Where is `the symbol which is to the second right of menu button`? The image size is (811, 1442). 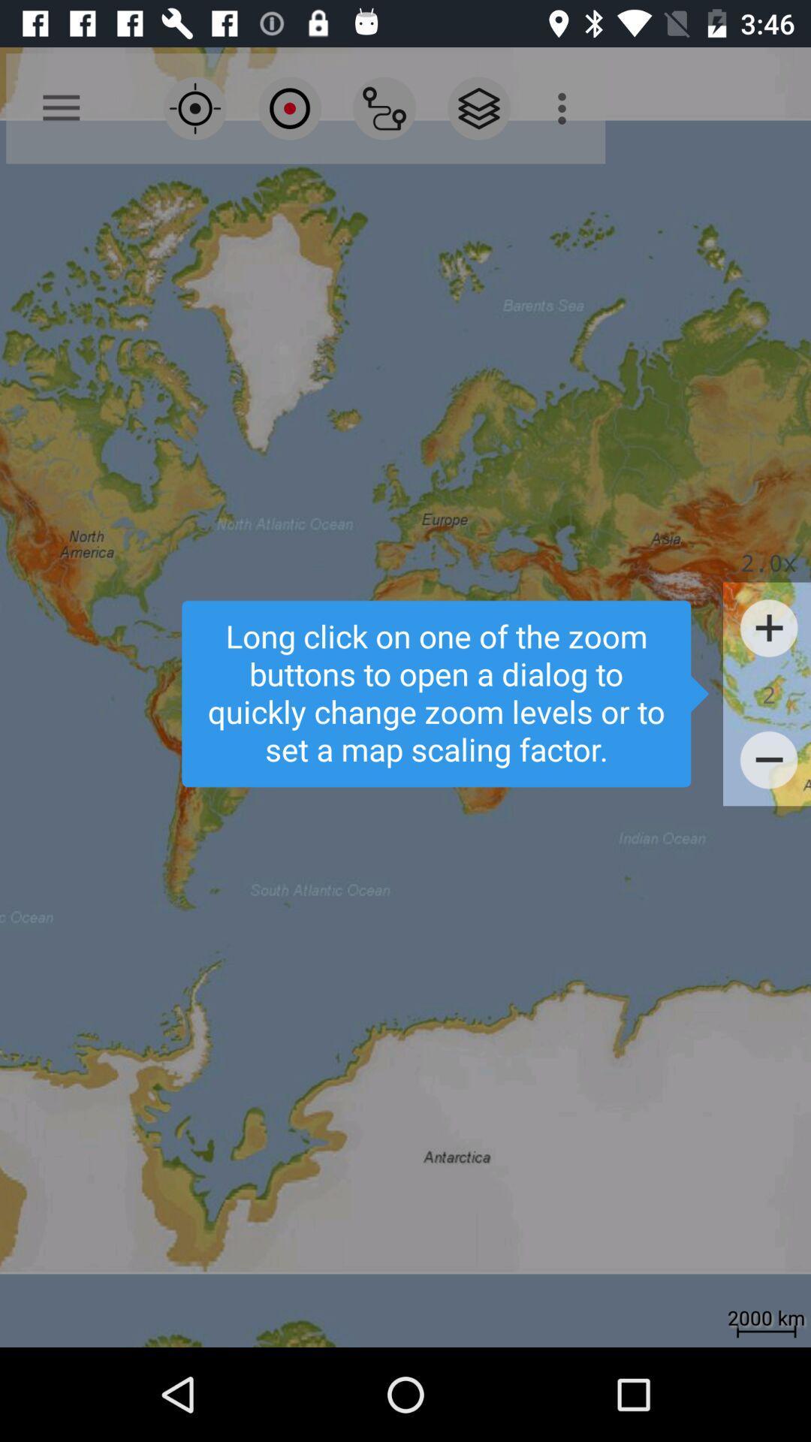
the symbol which is to the second right of menu button is located at coordinates (289, 107).